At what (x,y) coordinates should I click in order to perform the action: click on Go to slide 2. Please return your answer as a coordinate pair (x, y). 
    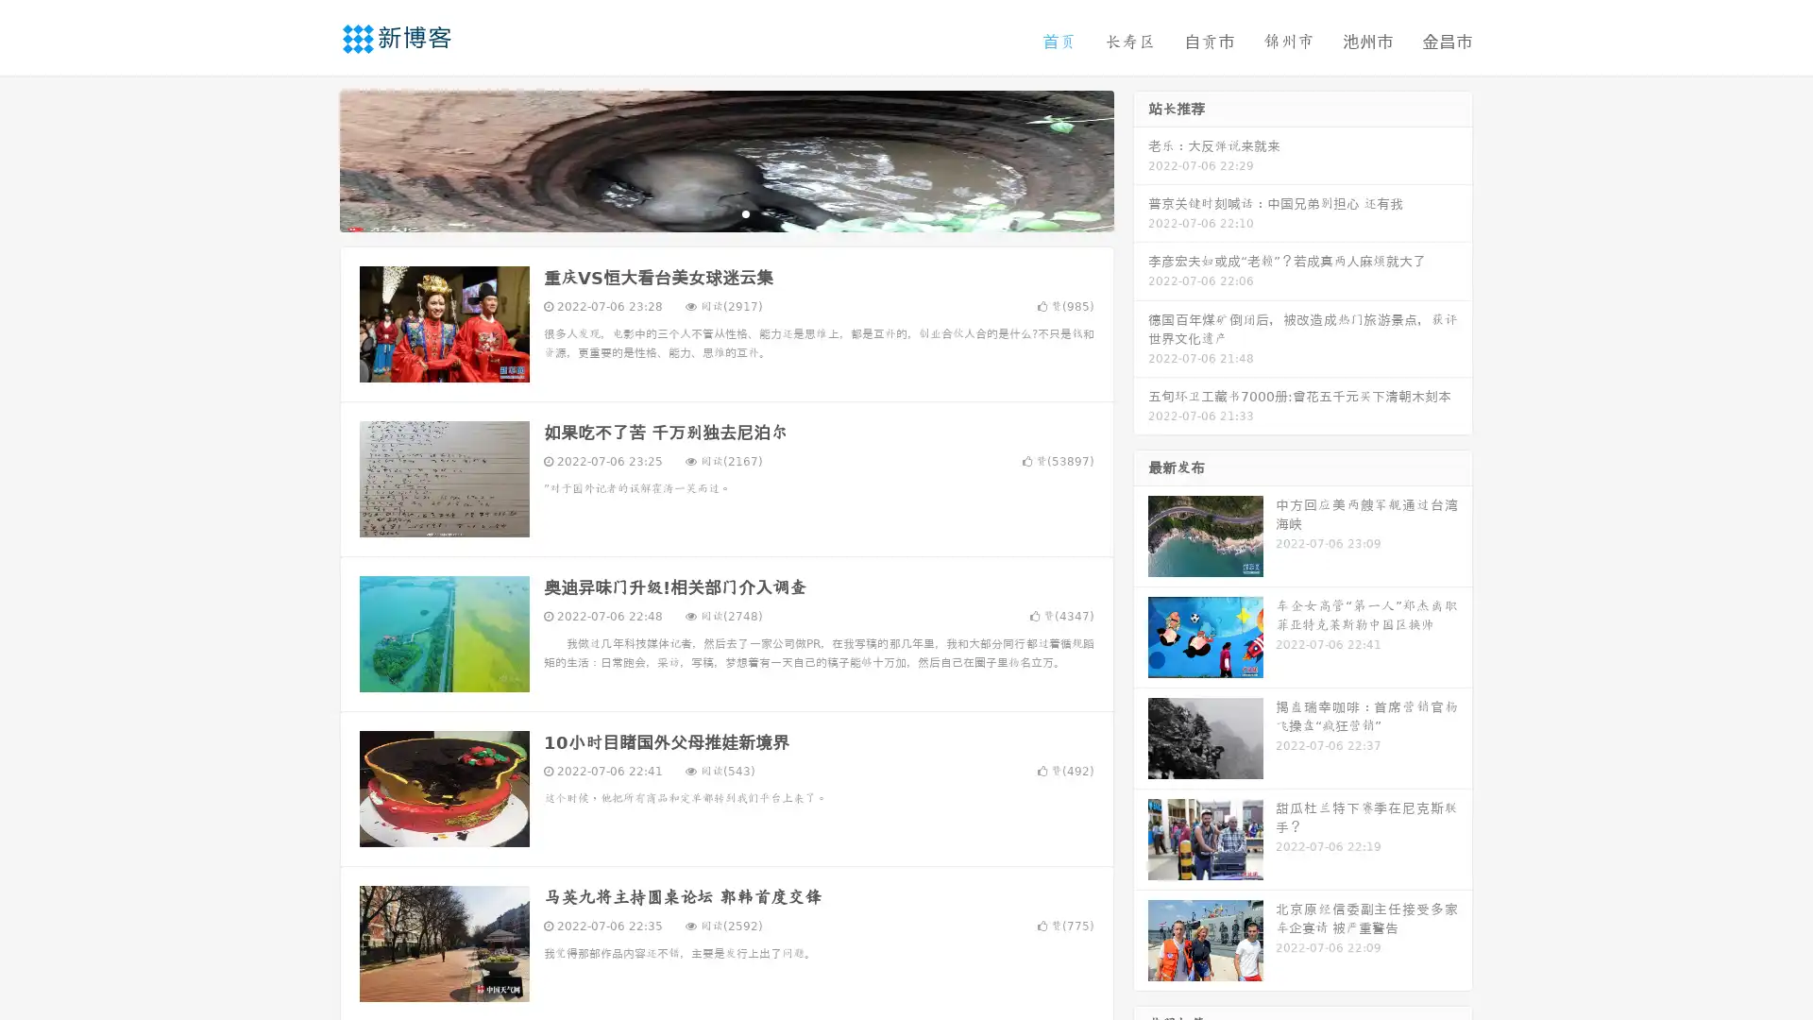
    Looking at the image, I should click on (725, 212).